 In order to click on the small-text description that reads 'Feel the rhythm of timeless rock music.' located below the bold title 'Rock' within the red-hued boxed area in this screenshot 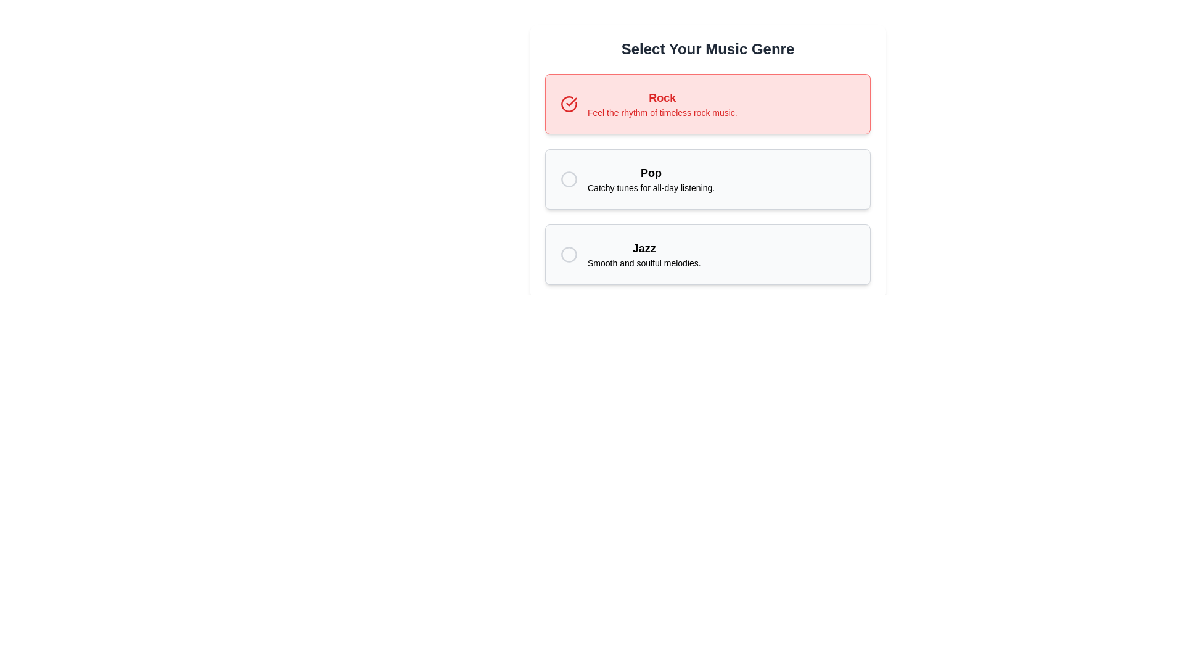, I will do `click(662, 112)`.